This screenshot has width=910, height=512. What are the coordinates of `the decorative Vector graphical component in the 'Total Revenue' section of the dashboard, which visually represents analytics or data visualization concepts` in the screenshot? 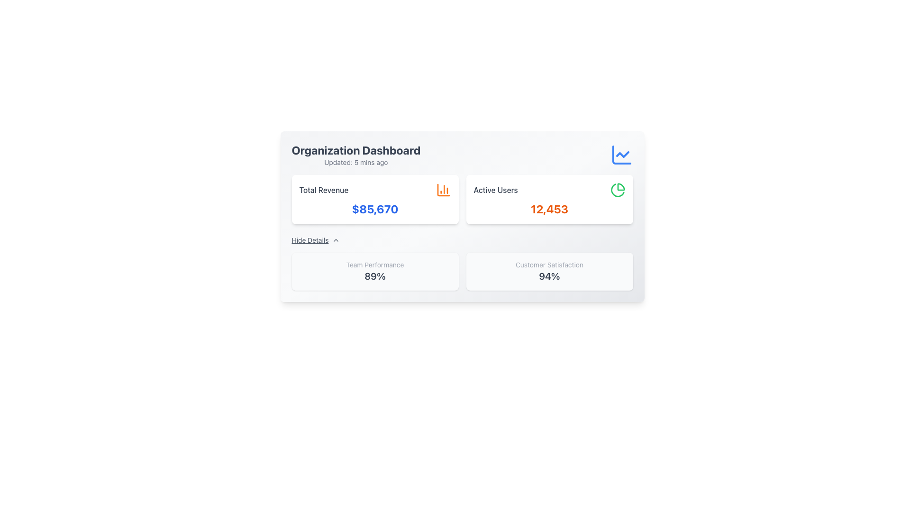 It's located at (443, 190).